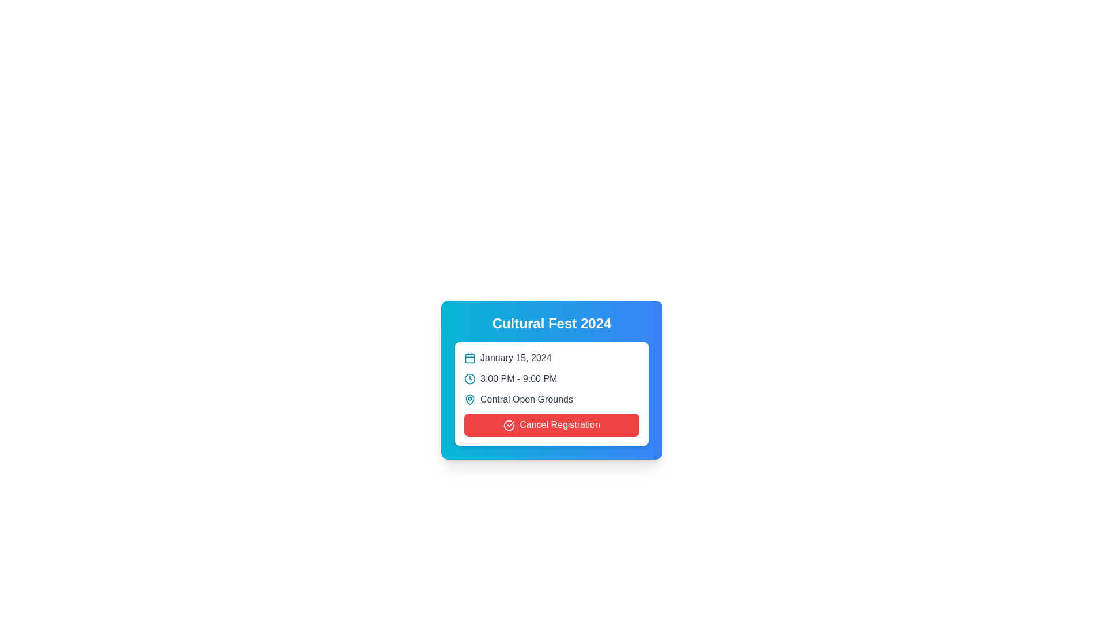  Describe the element at coordinates (551, 424) in the screenshot. I see `the cancel registration button for the 'Cultural Fest 2024' event` at that location.